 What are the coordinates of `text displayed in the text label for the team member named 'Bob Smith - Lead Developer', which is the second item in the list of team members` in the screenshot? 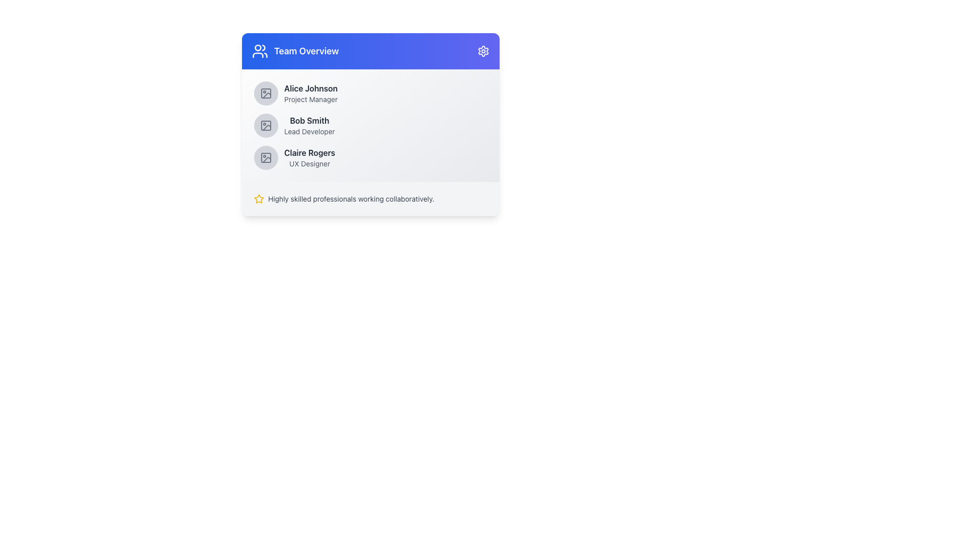 It's located at (309, 125).